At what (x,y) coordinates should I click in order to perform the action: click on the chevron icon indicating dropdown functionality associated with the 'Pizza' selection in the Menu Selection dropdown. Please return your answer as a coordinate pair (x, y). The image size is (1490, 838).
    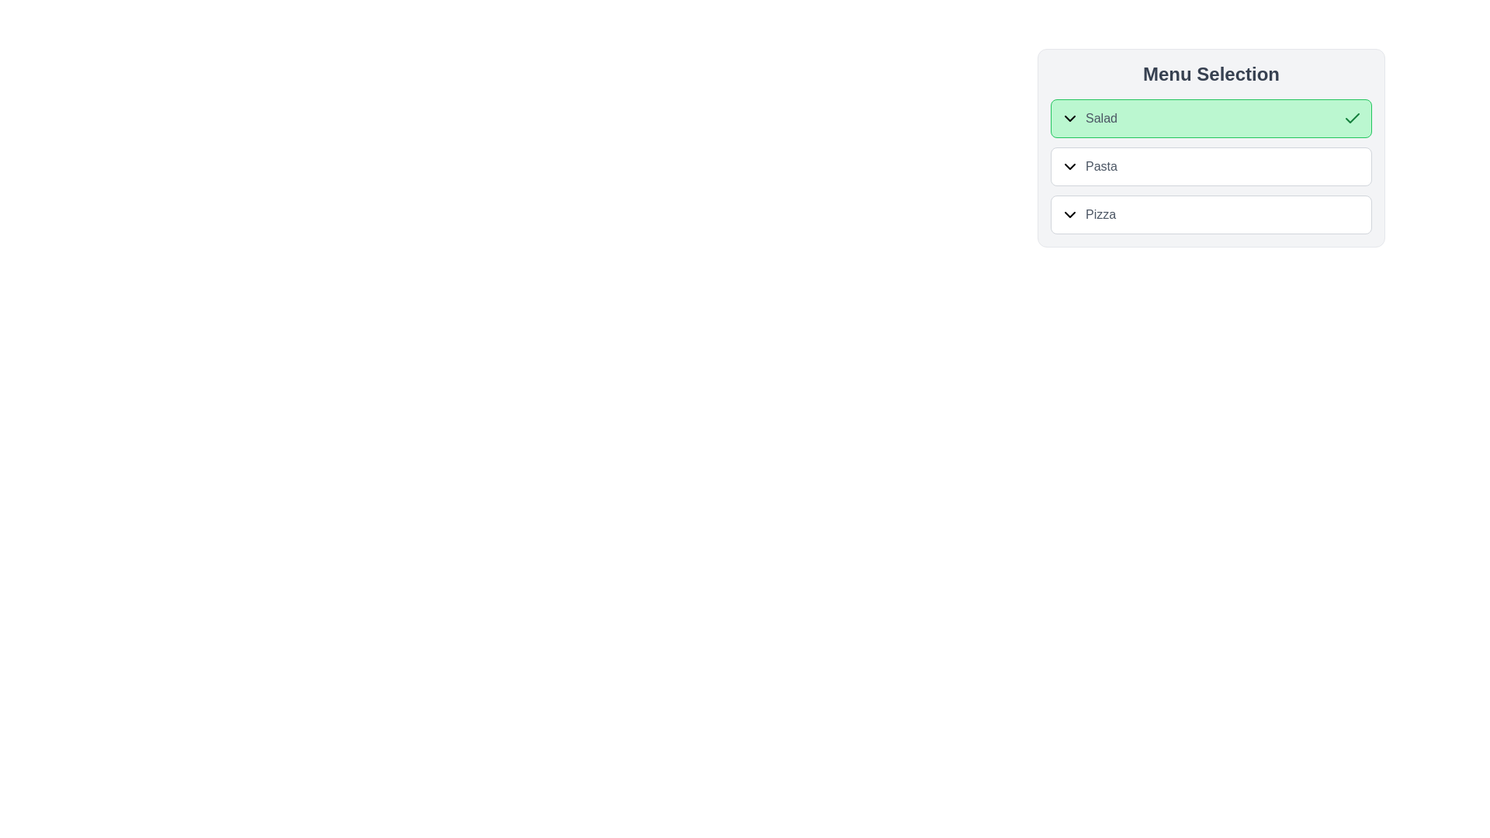
    Looking at the image, I should click on (1069, 215).